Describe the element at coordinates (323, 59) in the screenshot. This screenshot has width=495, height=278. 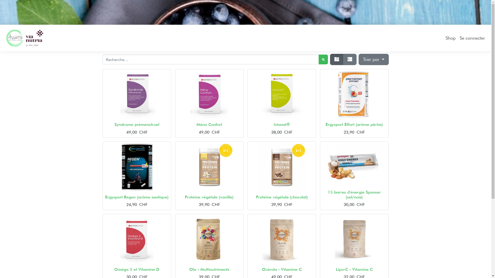
I see `'Rechercher'` at that location.